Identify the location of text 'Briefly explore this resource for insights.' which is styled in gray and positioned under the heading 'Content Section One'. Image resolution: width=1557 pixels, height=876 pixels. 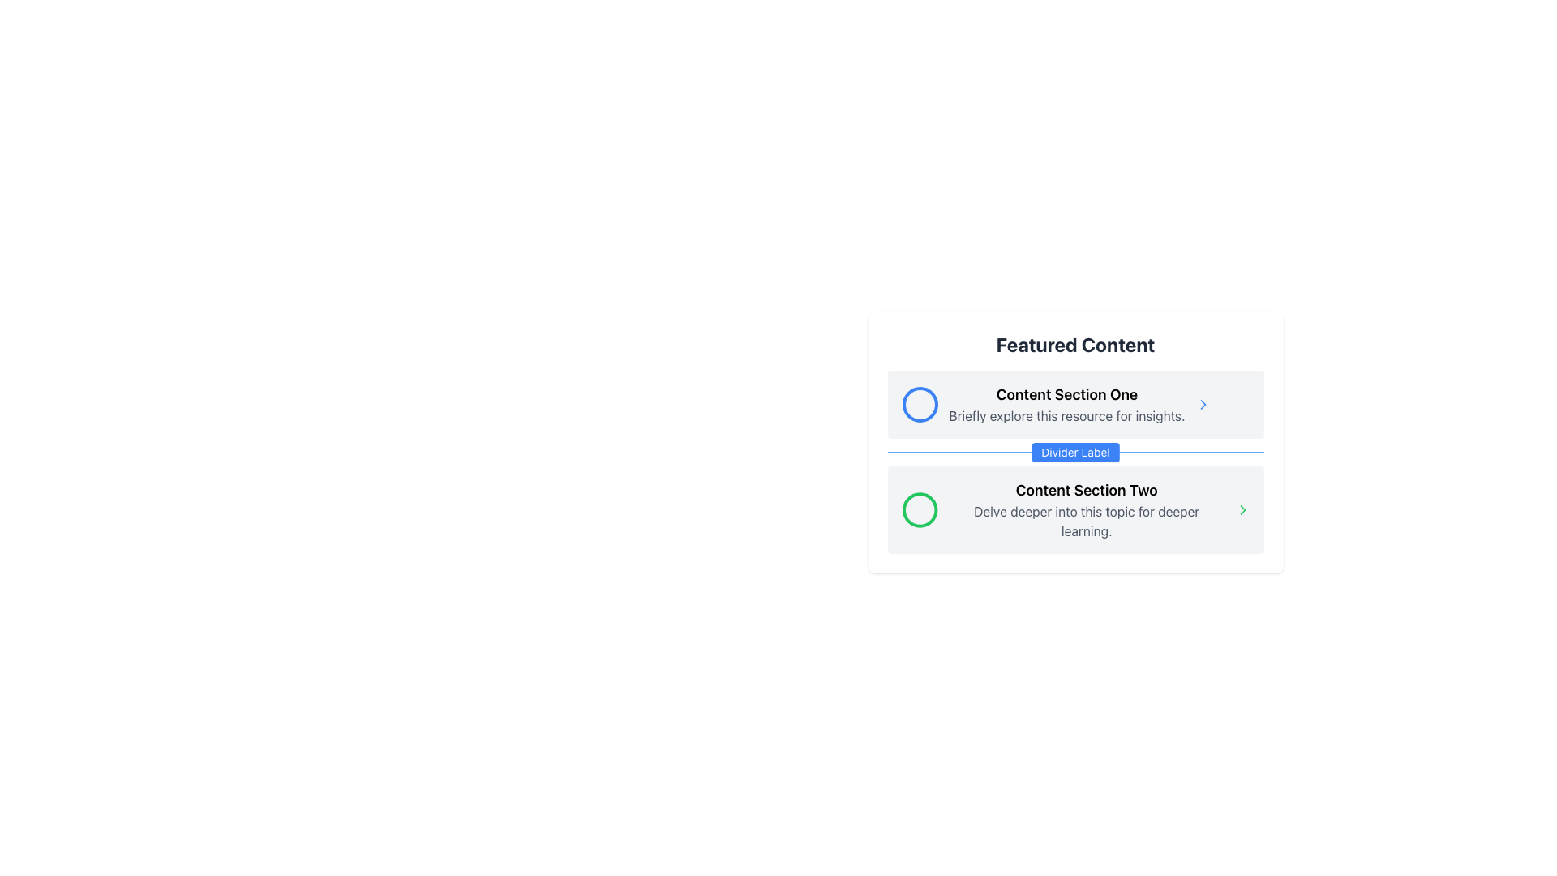
(1066, 415).